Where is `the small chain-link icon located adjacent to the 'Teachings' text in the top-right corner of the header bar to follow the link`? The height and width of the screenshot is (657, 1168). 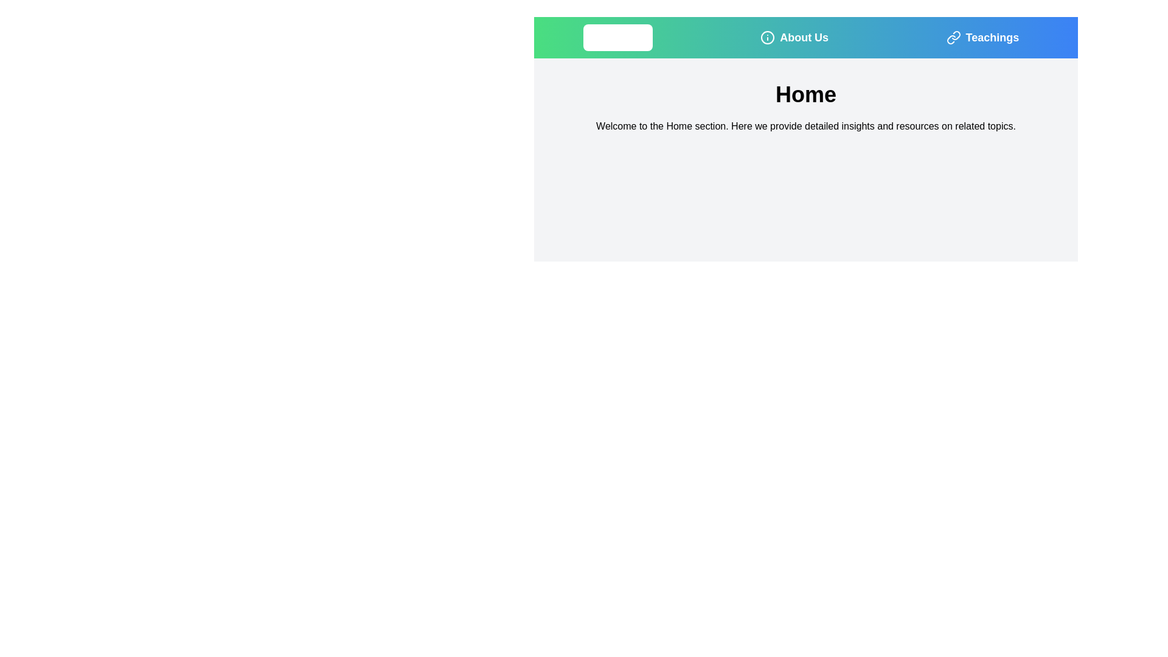
the small chain-link icon located adjacent to the 'Teachings' text in the top-right corner of the header bar to follow the link is located at coordinates (953, 36).